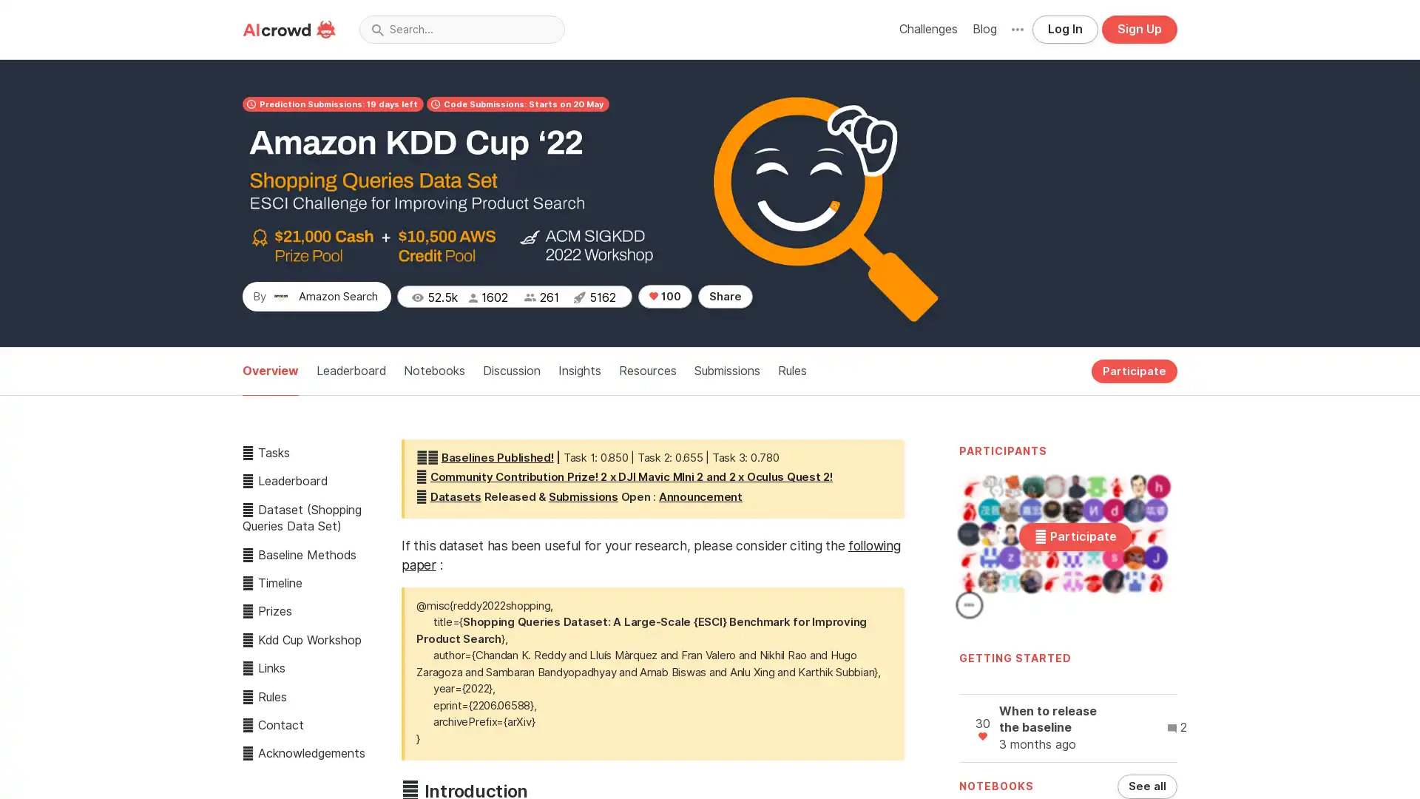 This screenshot has height=799, width=1420. I want to click on Log In, so click(1065, 29).